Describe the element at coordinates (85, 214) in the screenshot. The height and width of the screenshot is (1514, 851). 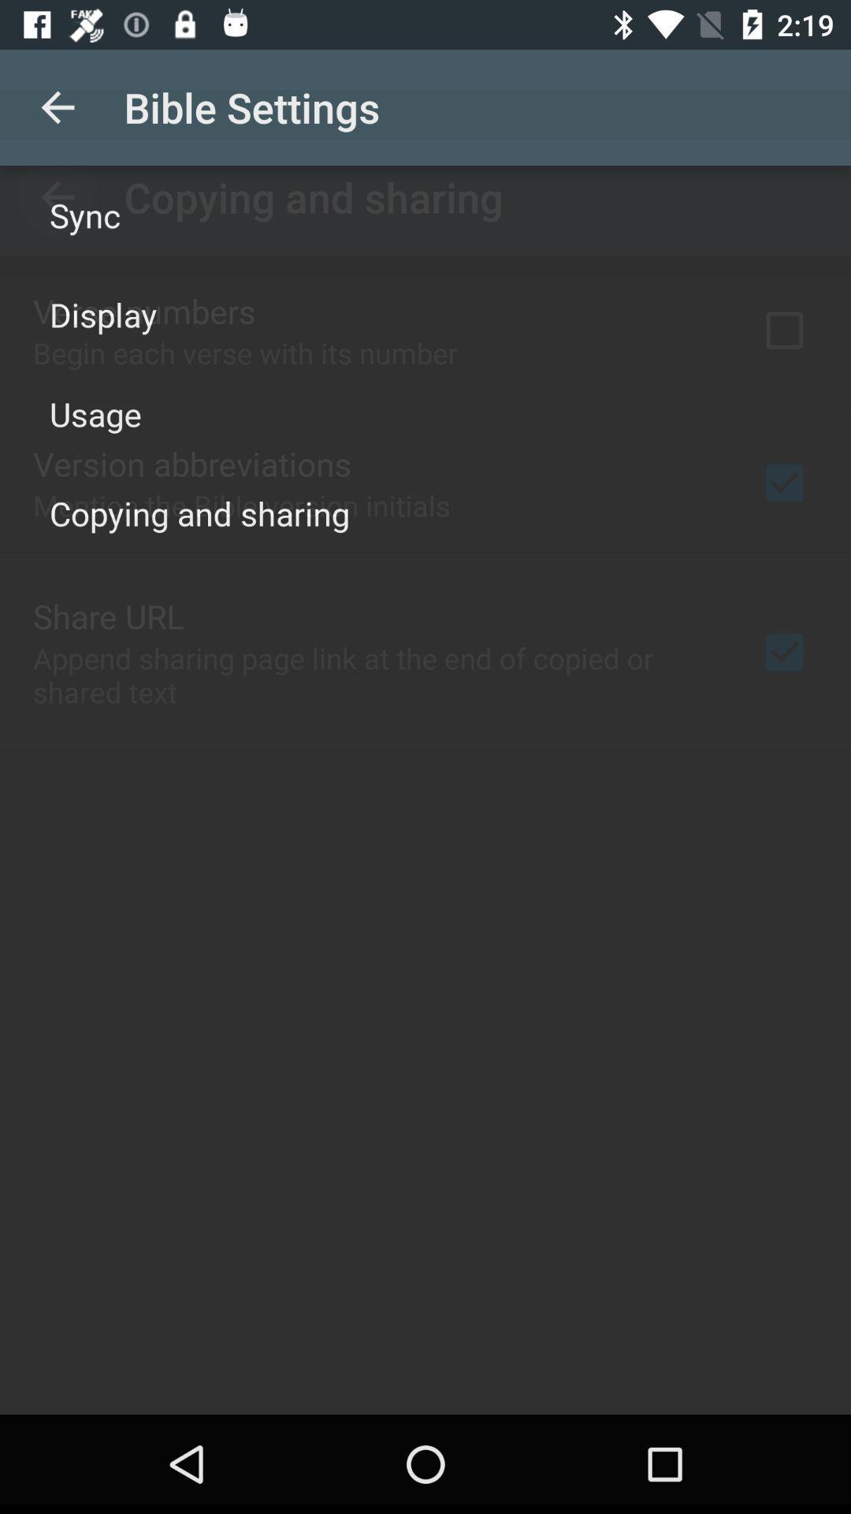
I see `the sync icon` at that location.